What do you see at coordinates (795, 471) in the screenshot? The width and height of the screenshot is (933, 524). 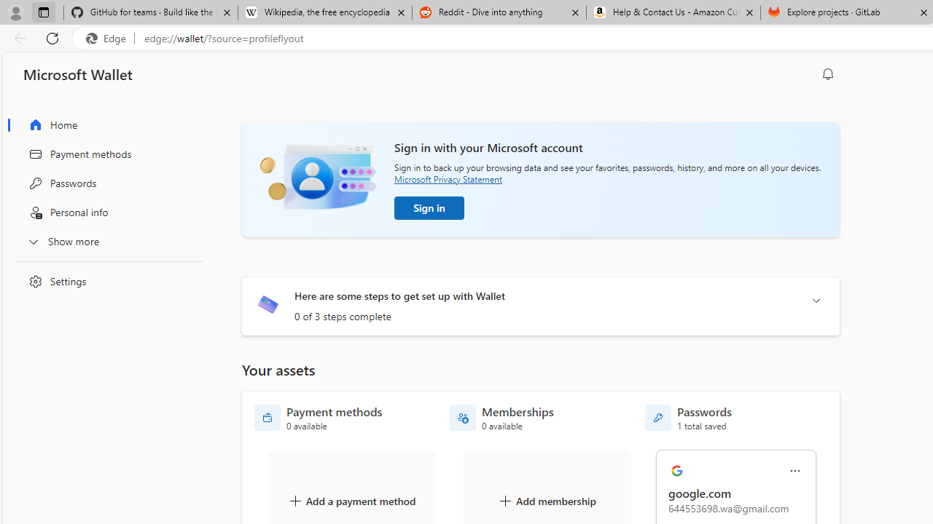 I see `'More actions'` at bounding box center [795, 471].